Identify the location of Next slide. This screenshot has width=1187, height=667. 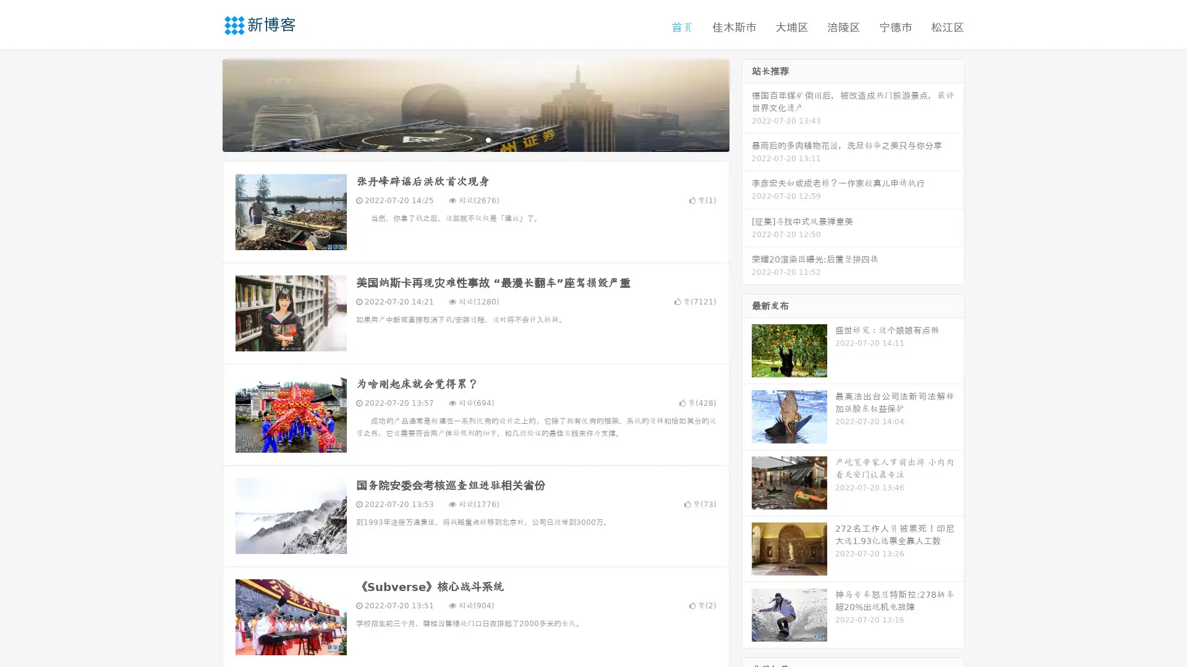
(747, 104).